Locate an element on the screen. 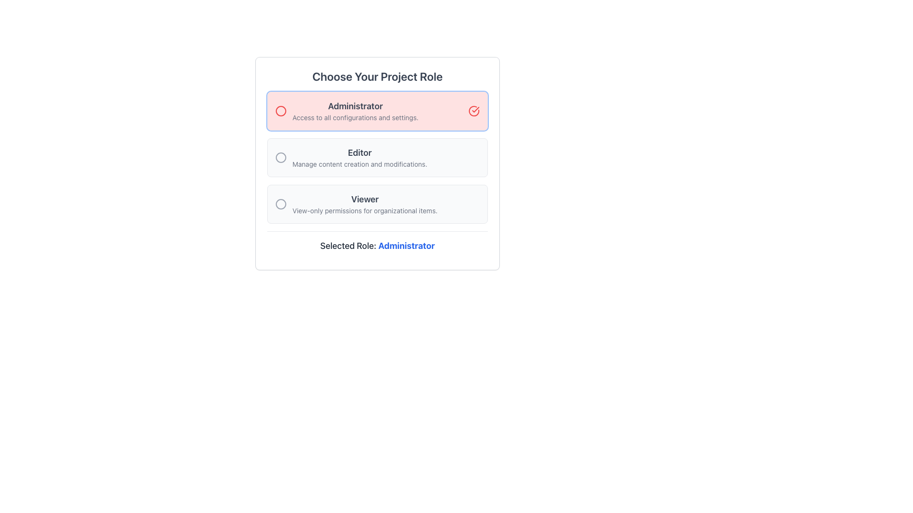 The image size is (913, 513). the red circular icon with a checkmark symbol located to the right of the text 'Administrator' to recognize the selection is located at coordinates (474, 111).